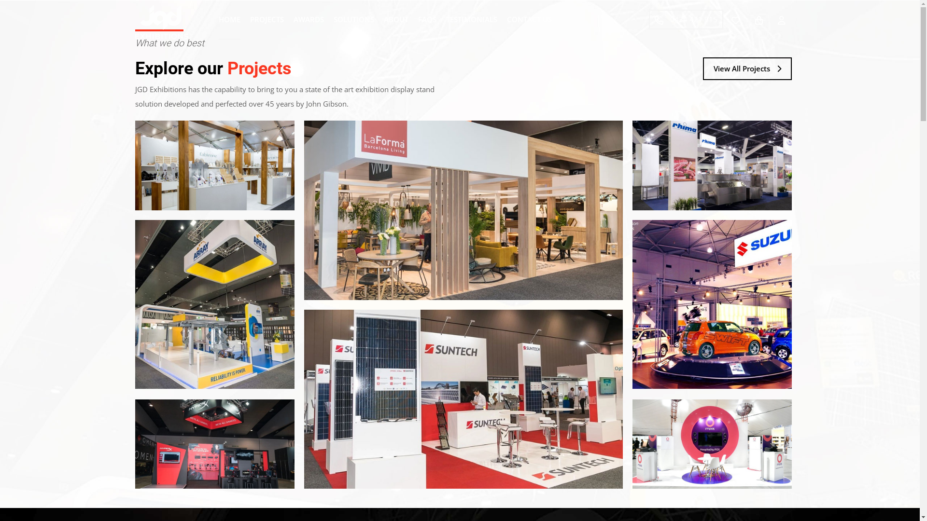 The image size is (927, 521). I want to click on 'AWARDS', so click(308, 19).